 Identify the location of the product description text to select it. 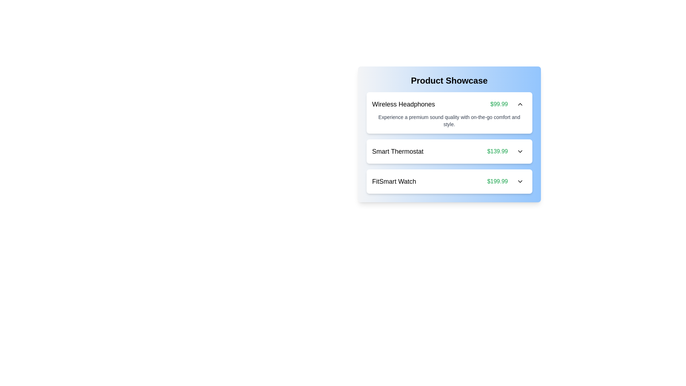
(449, 120).